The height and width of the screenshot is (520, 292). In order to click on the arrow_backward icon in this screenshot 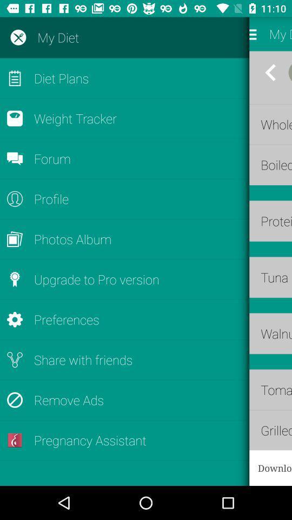, I will do `click(270, 72)`.